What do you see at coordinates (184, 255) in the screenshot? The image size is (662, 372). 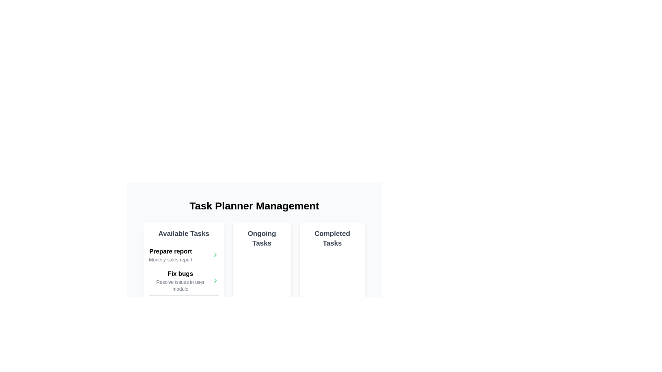 I see `the first list item in the 'Available Tasks' section which displays 'Prepare report'` at bounding box center [184, 255].